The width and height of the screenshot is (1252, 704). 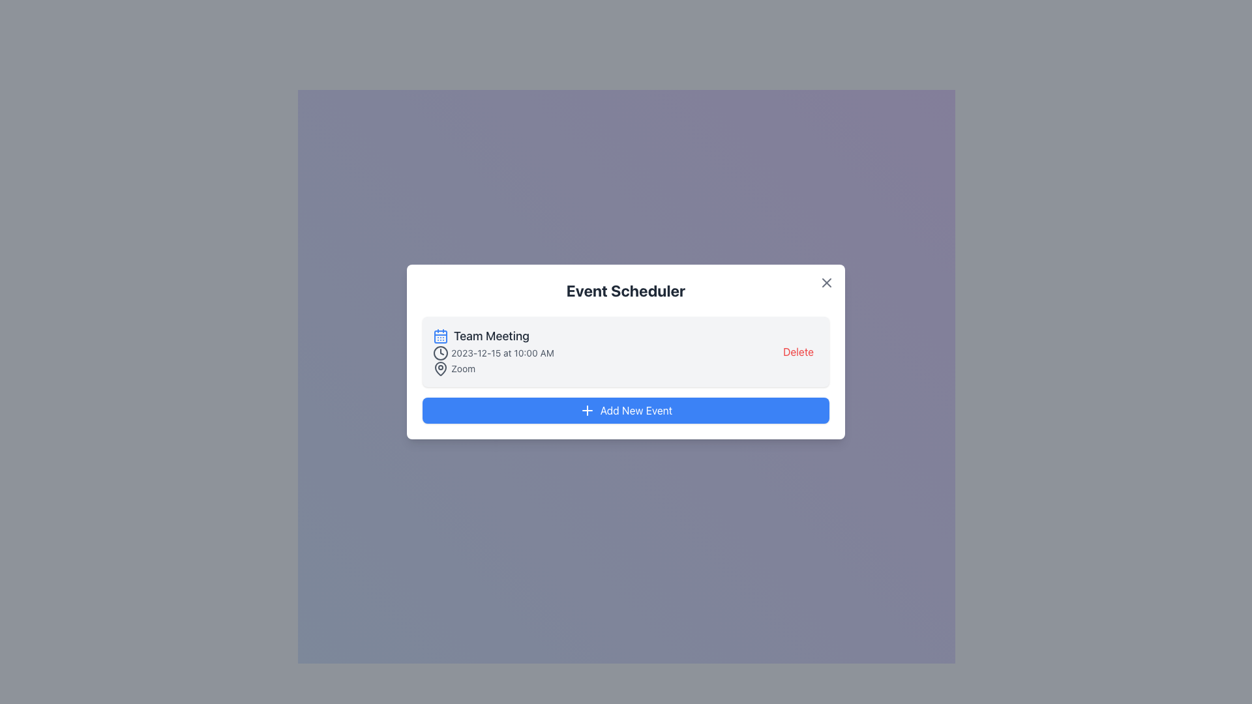 What do you see at coordinates (441, 336) in the screenshot?
I see `the calendar icon representing a specific day section within the 'Event Scheduler' modal, located to the left of the 'Team Meeting' title` at bounding box center [441, 336].